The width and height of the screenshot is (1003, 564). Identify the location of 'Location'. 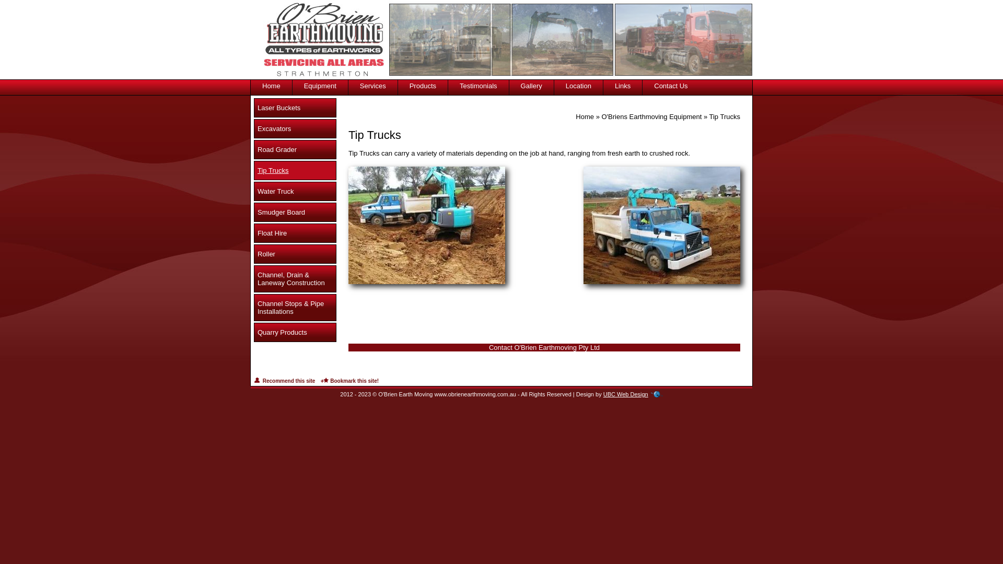
(578, 81).